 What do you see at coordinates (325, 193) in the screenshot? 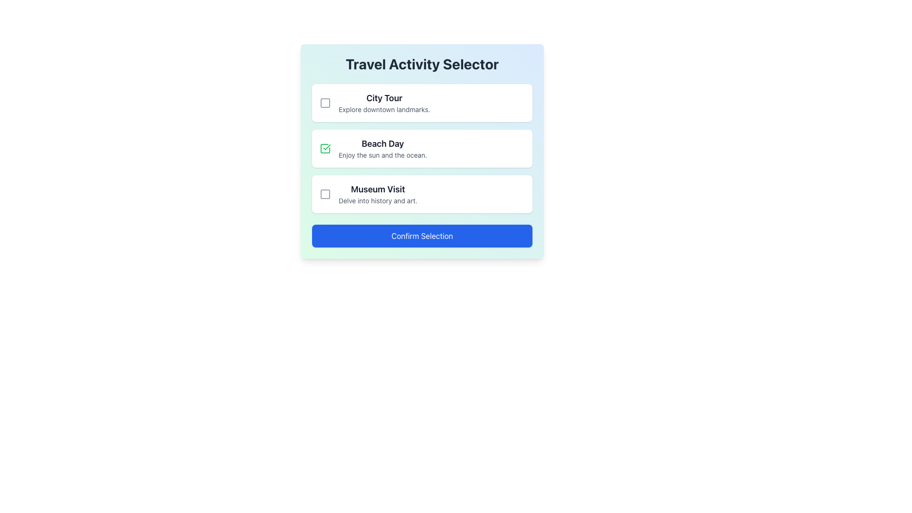
I see `the checkbox for the 'Museum Visit' option in the 'Travel Activity Selector' section` at bounding box center [325, 193].